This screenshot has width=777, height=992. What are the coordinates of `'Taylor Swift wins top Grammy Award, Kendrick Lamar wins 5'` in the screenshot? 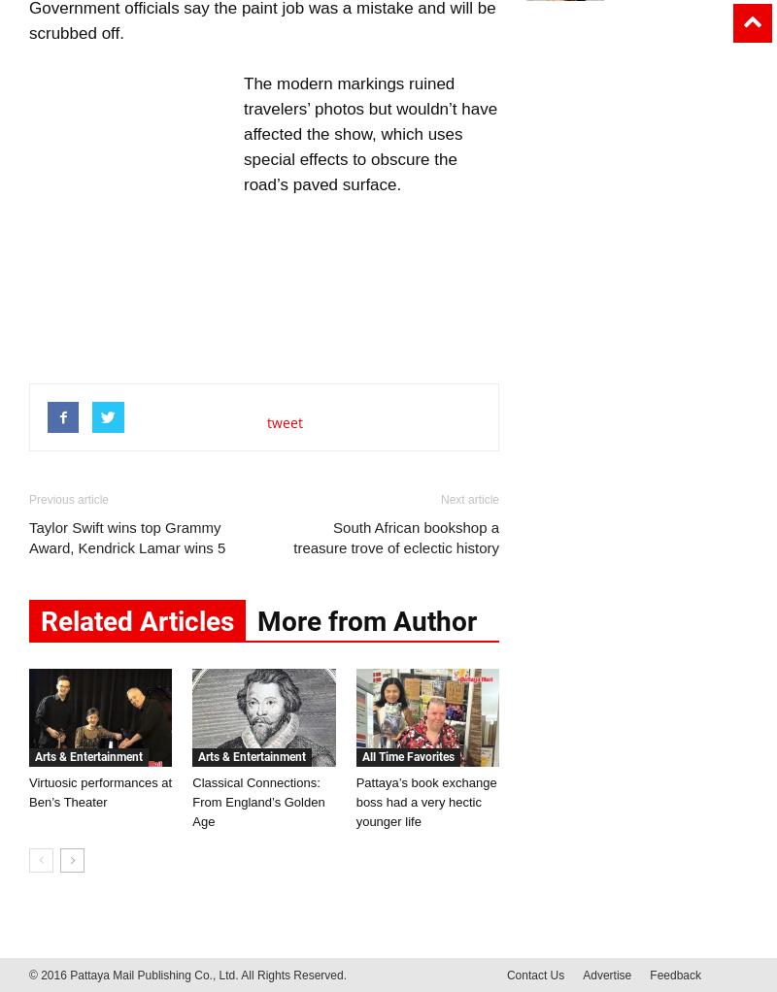 It's located at (125, 538).